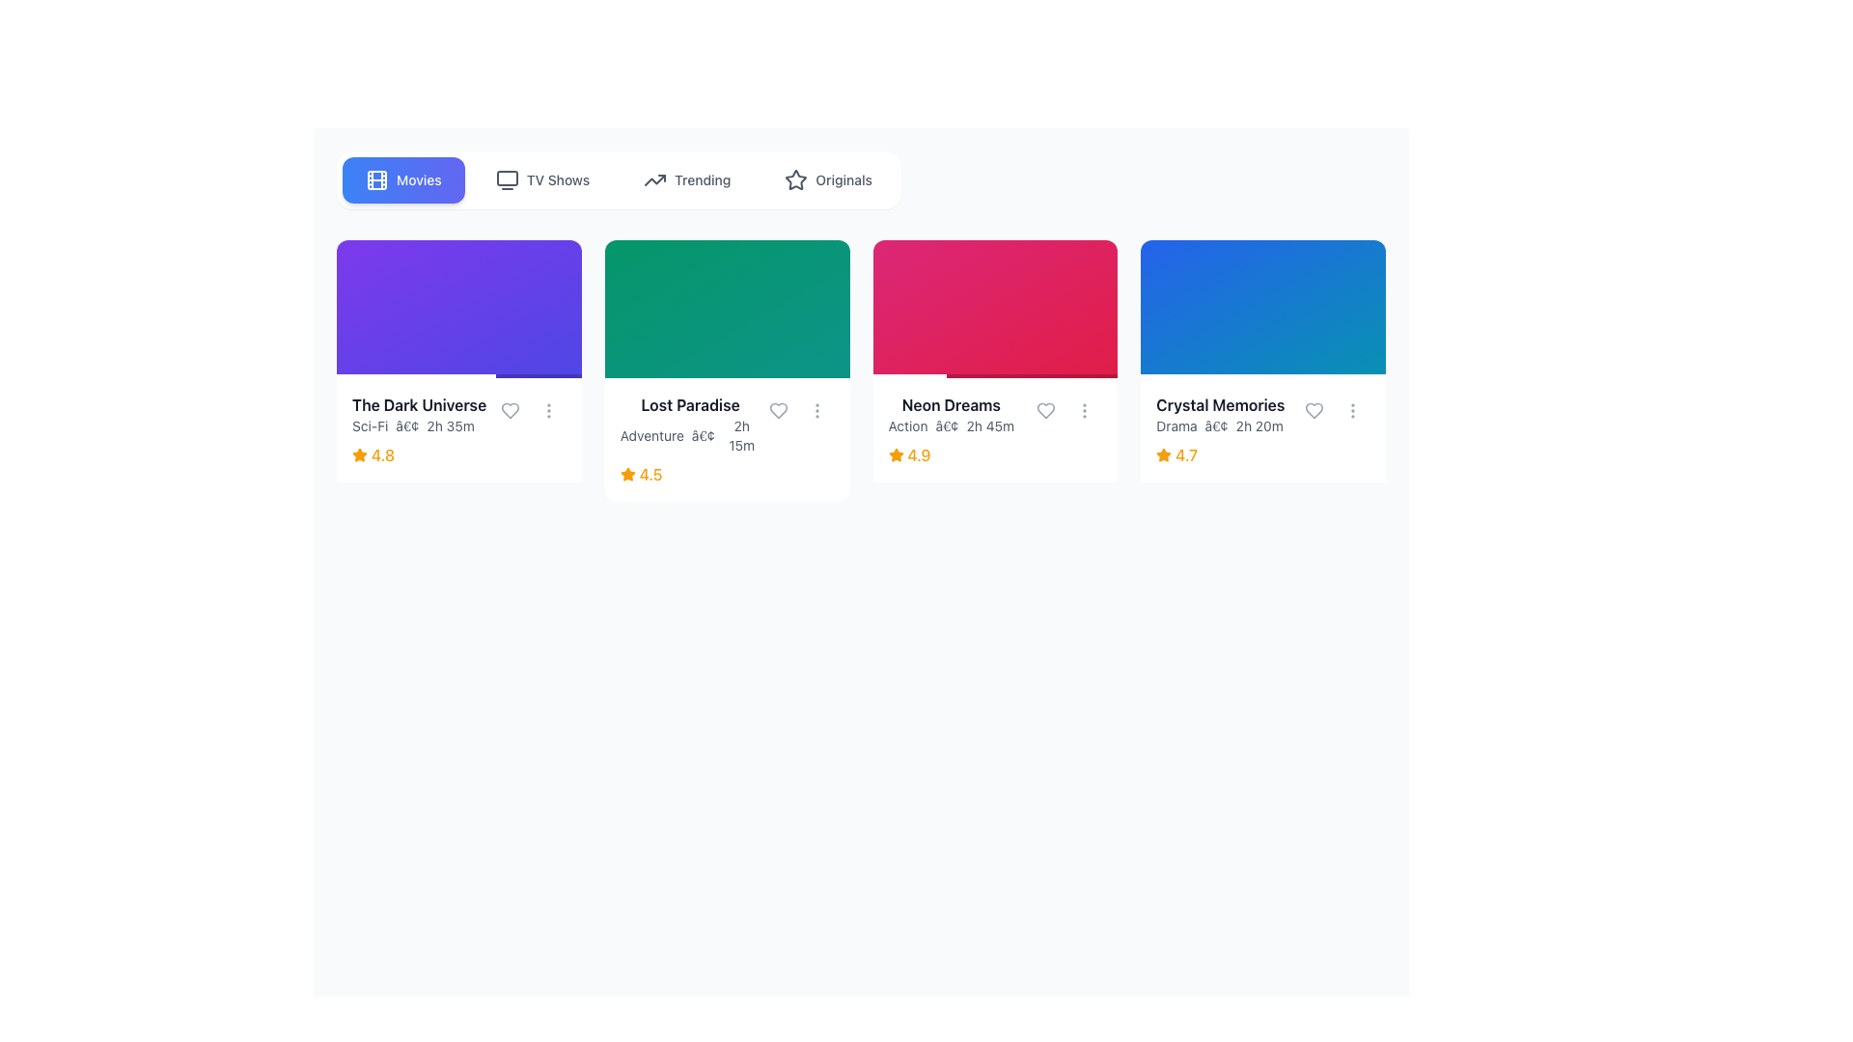 The height and width of the screenshot is (1042, 1853). Describe the element at coordinates (383, 454) in the screenshot. I see `the text label displaying the movie rating '4.8', which is located to the right of the star icon in the rating component beneath the movie thumbnail and title in the second column of the grid layout` at that location.